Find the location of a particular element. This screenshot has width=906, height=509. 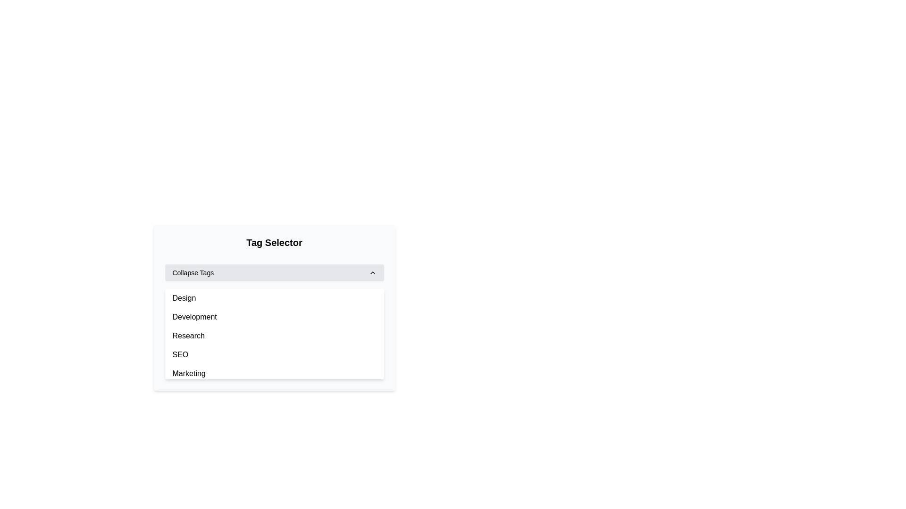

the first selectable item in the 'Tag Selector' list titled 'Design' located under 'Collapse Tags' is located at coordinates (274, 298).